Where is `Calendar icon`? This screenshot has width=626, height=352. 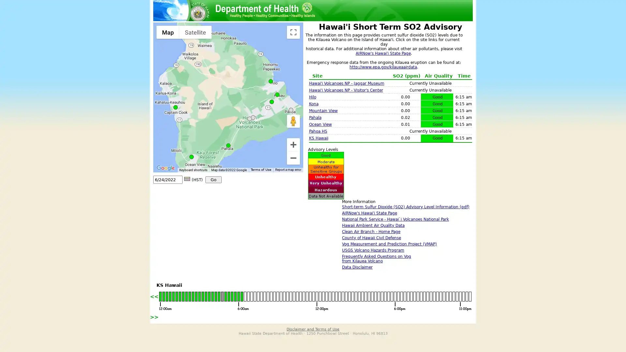 Calendar icon is located at coordinates (187, 179).